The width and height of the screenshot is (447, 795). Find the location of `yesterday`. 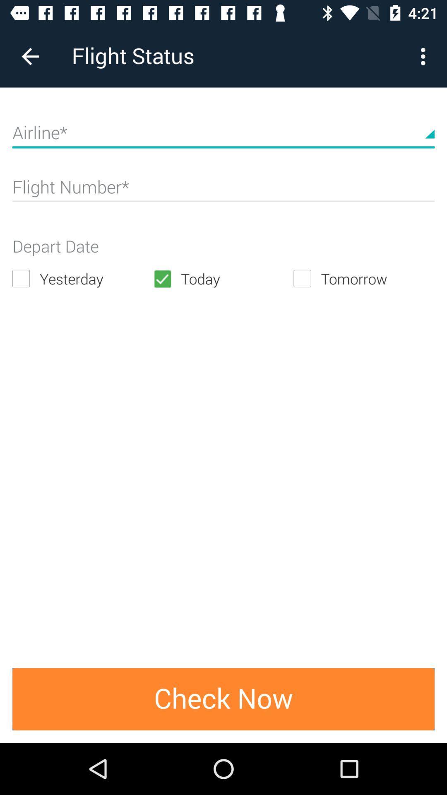

yesterday is located at coordinates (82, 279).